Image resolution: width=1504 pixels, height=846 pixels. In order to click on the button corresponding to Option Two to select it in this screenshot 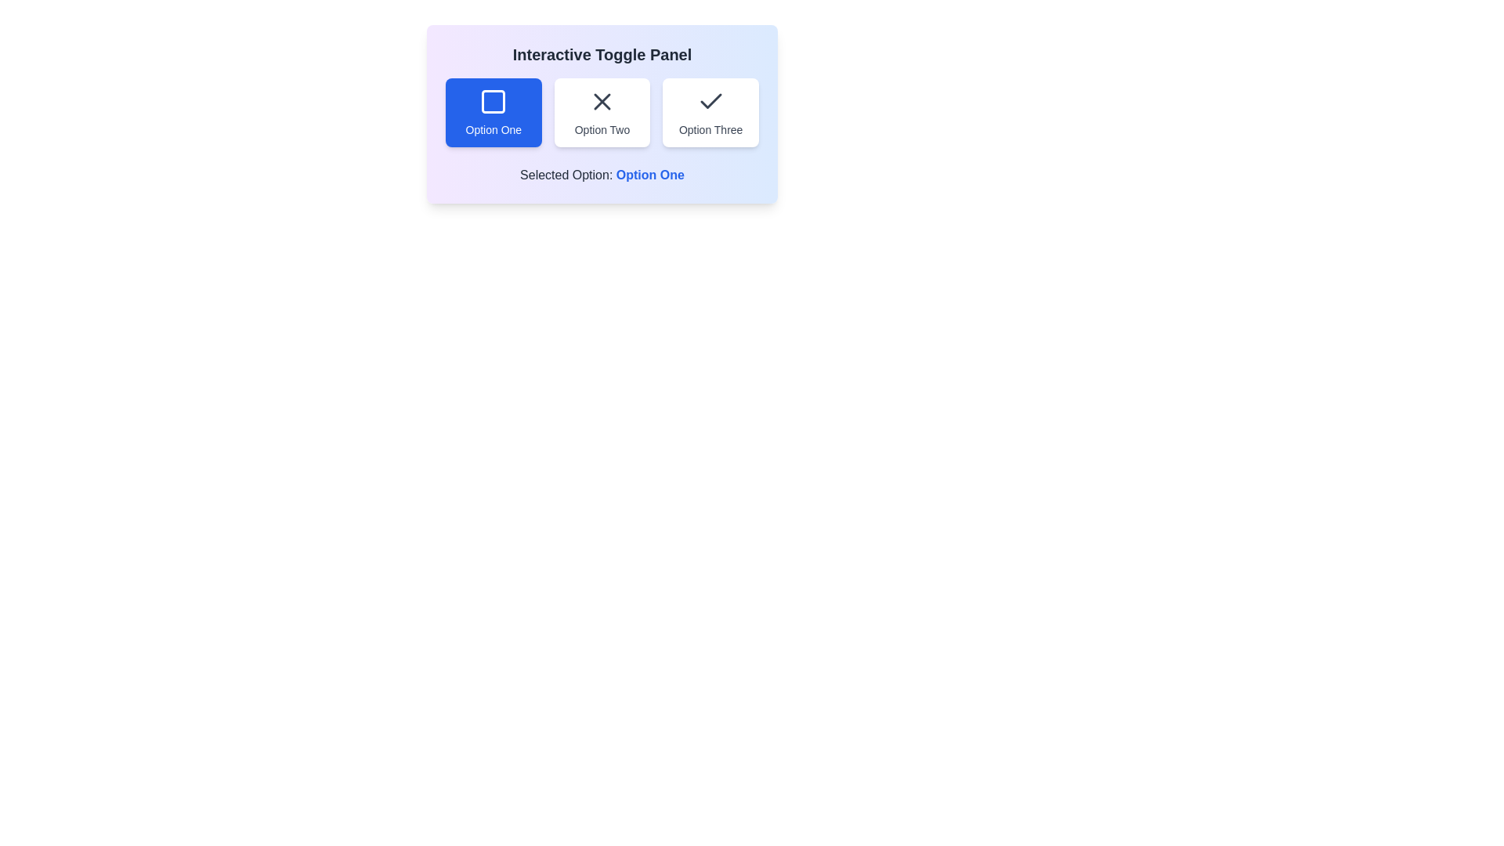, I will do `click(601, 111)`.